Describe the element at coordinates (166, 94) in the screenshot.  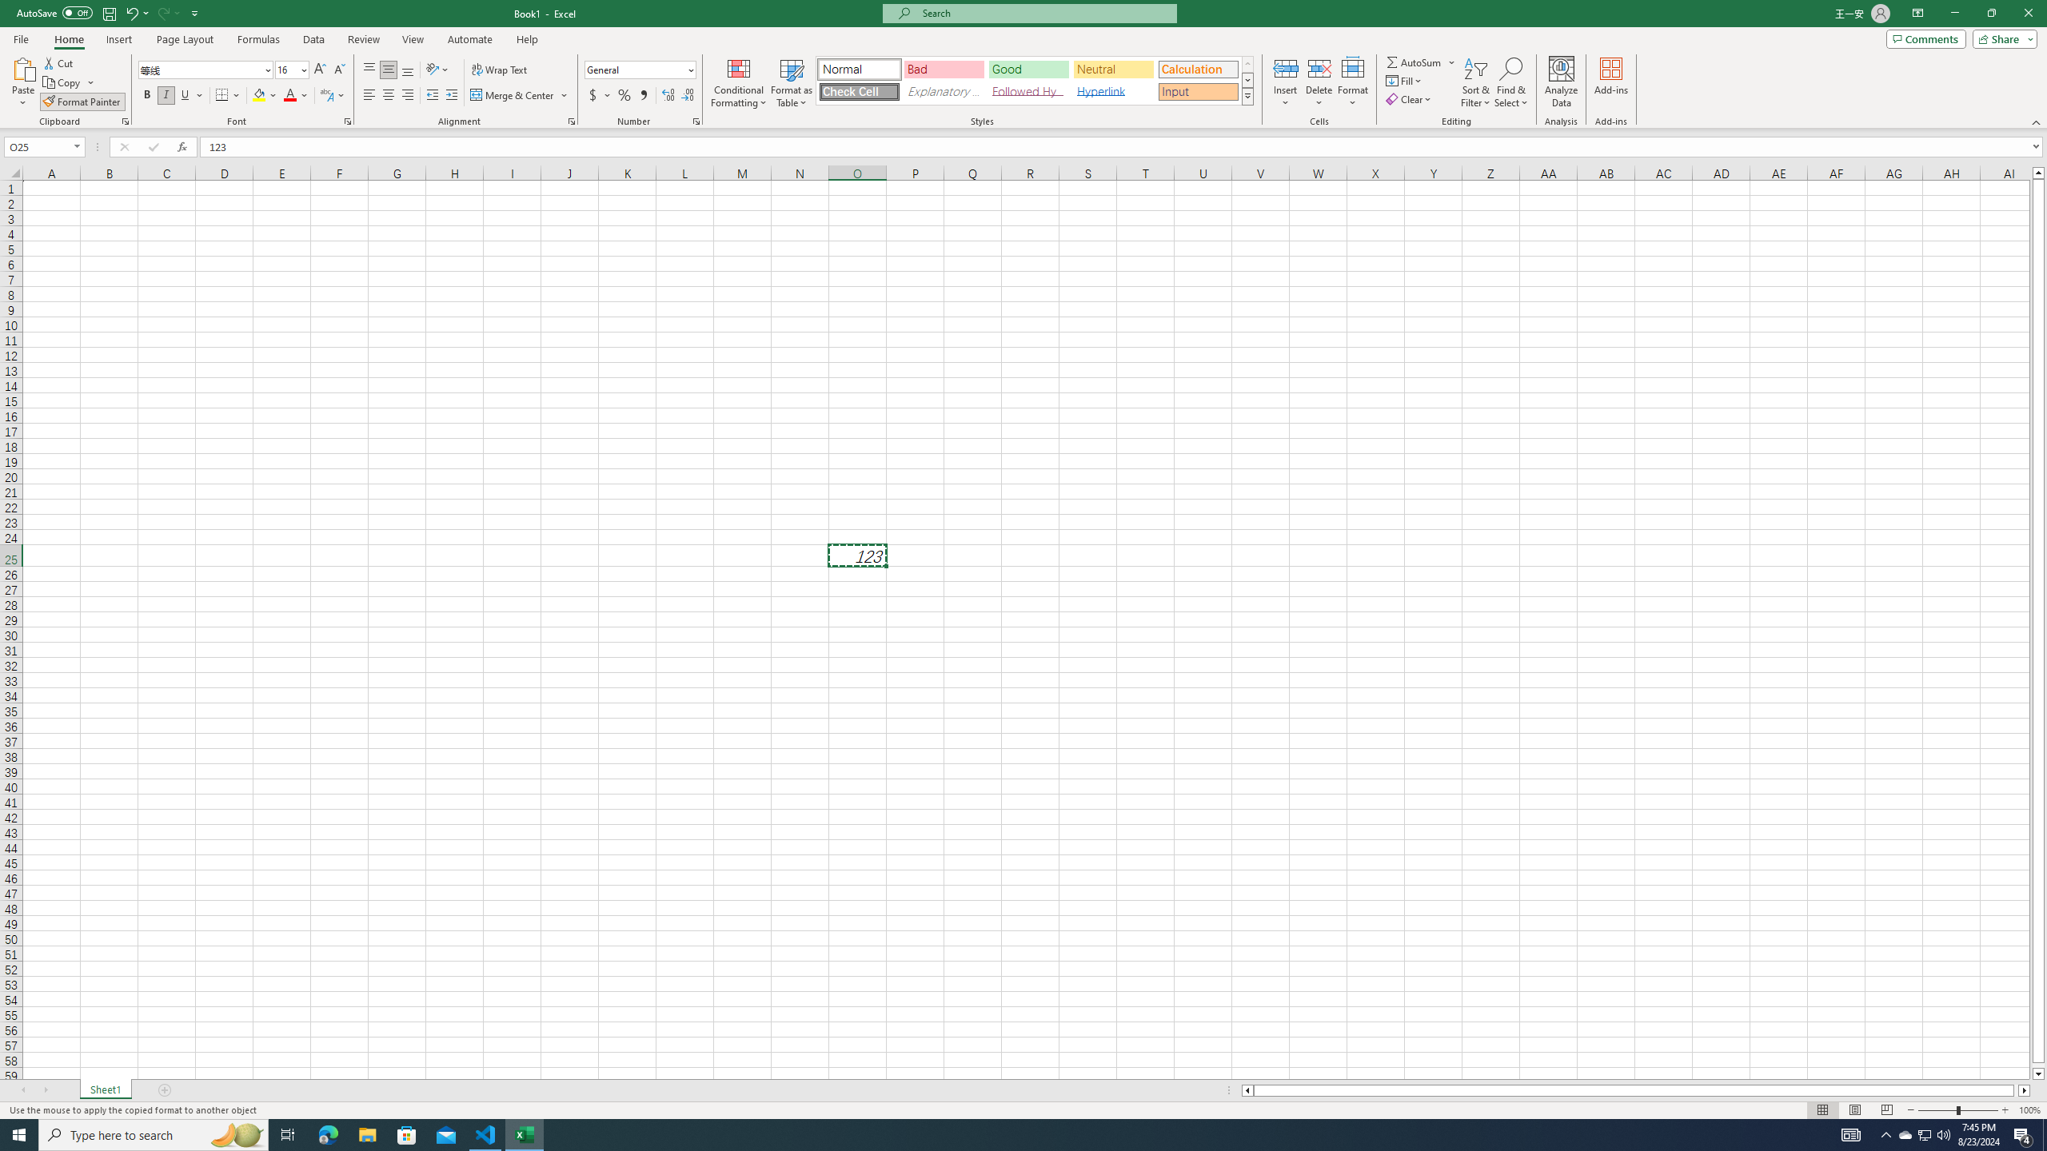
I see `'Italic'` at that location.